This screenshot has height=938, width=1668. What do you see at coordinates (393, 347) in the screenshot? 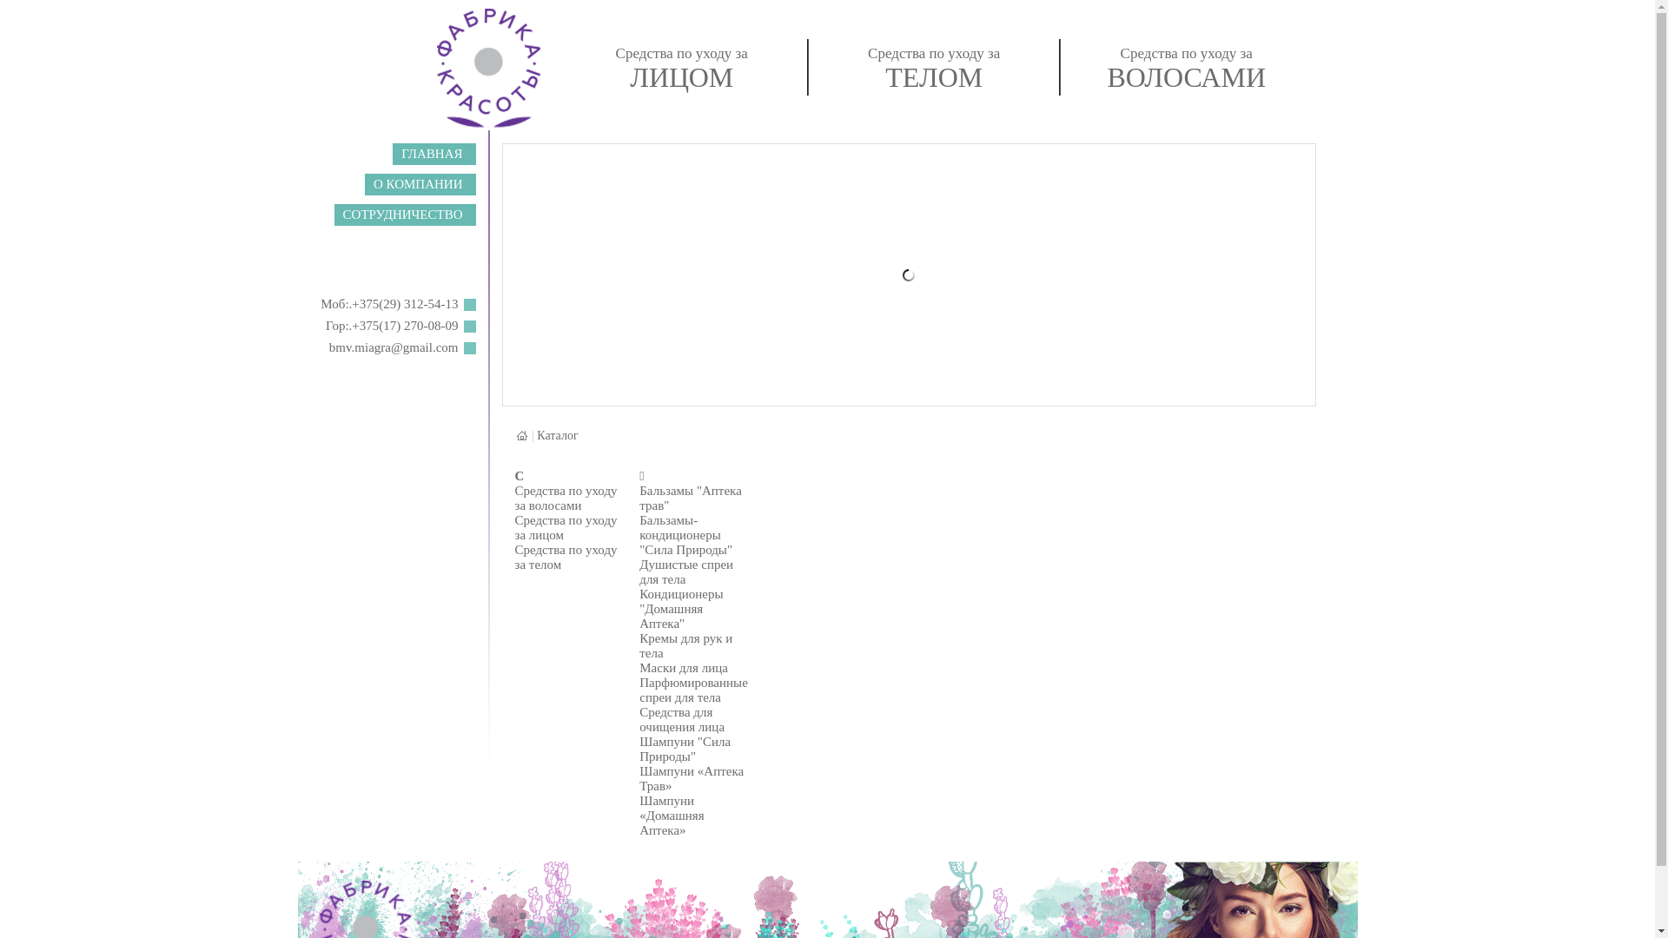
I see `'bmv.miagra@gmail.com'` at bounding box center [393, 347].